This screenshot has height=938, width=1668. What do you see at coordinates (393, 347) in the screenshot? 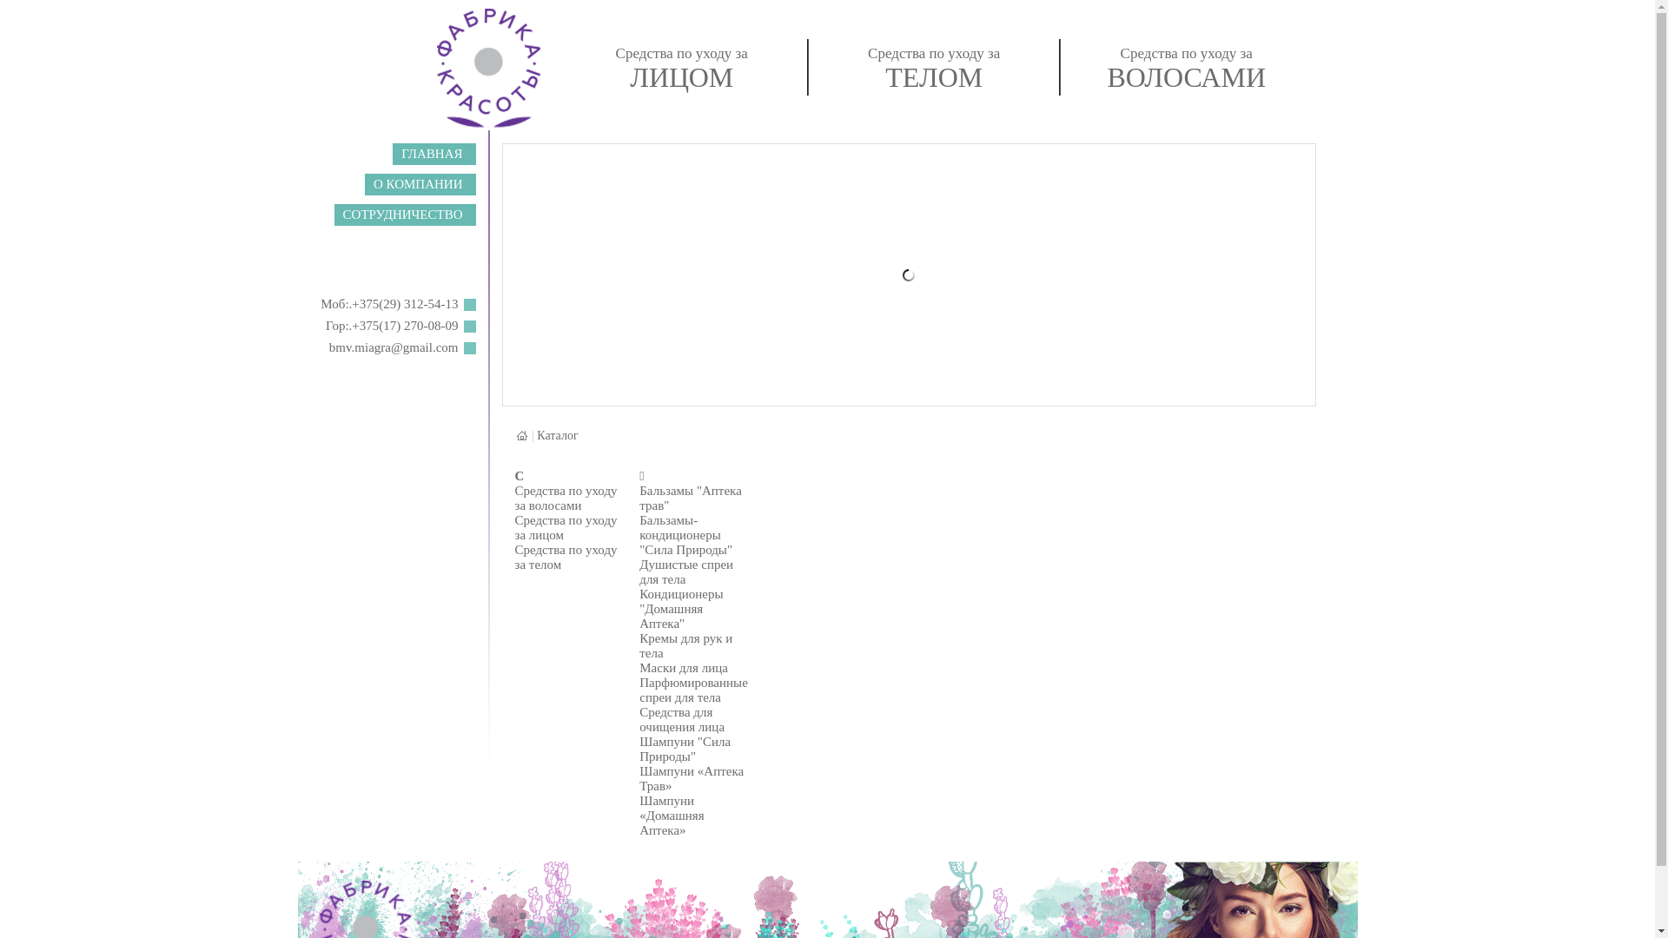
I see `'bmv.miagra@gmail.com'` at bounding box center [393, 347].